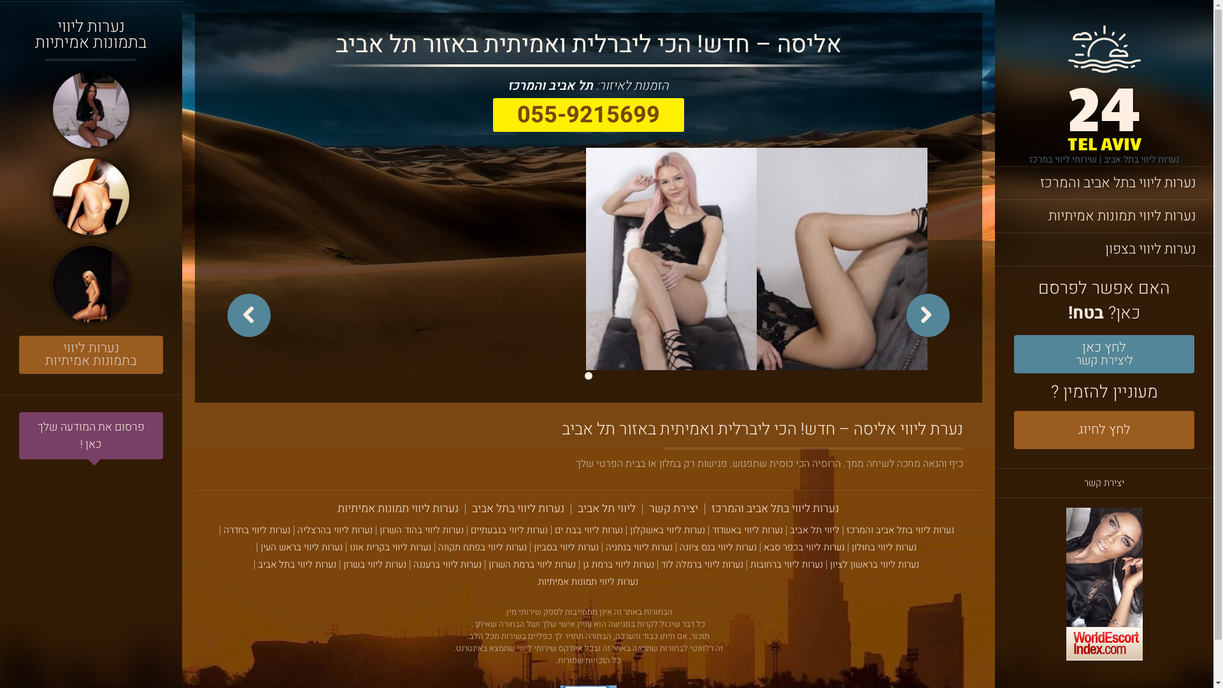 The height and width of the screenshot is (688, 1223). I want to click on '055-9215699', so click(587, 115).